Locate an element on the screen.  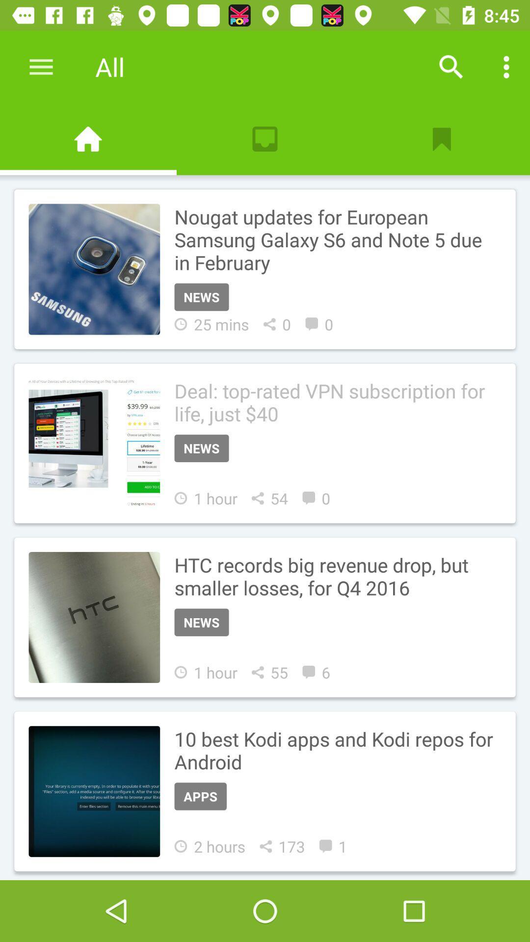
an icon of a house that when pressed takes you to the home page is located at coordinates (88, 138).